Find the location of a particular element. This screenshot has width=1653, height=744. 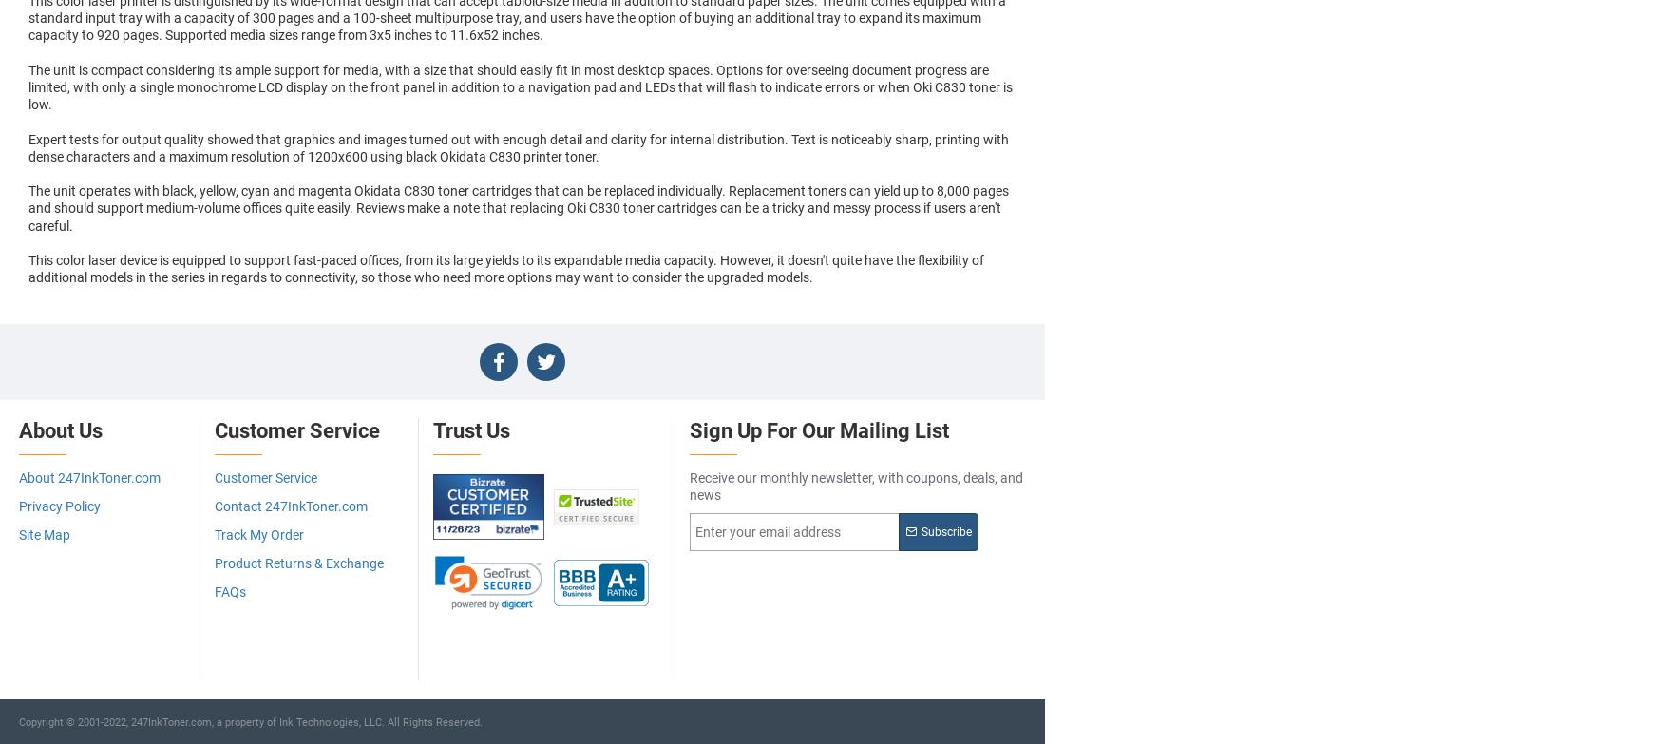

'Trust Us' is located at coordinates (470, 429).